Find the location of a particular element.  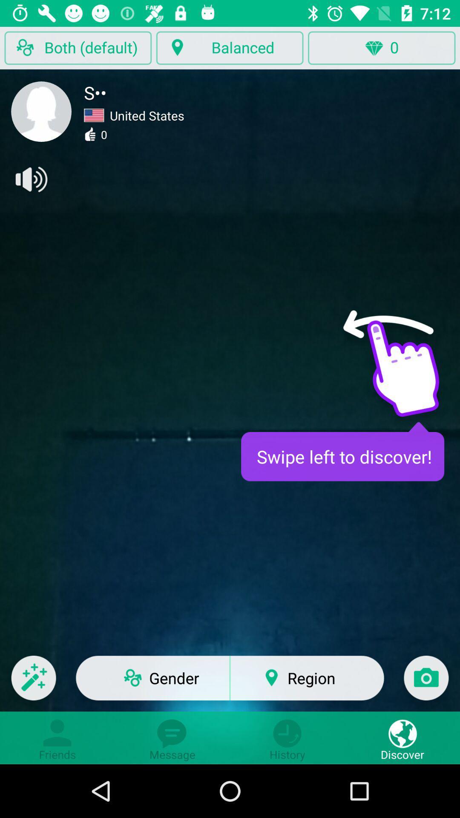

icon below both (default) item is located at coordinates (41, 111).